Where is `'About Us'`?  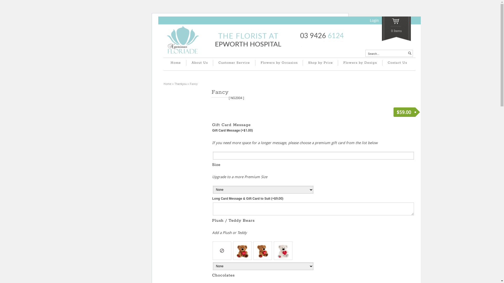 'About Us' is located at coordinates (199, 62).